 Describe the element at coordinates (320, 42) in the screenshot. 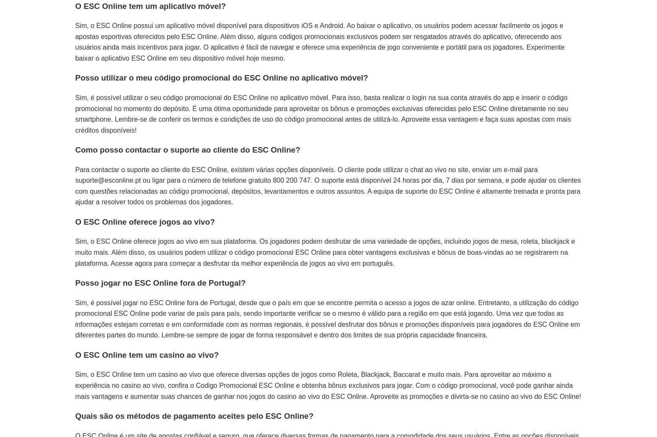

I see `'Sim, o ESC Online possui um aplicativo móvel disponível para dispositivos iOS e Android. Ao baixar o aplicativo, os usuários podem acessar facilmente os jogos e apostas esportivas oferecidos pelo ESC Online. Além disso, alguns códigos promocionais exclusivos podem ser resgatados através do aplicativo, oferecendo aos usuários ainda mais incentivos para jogar. O aplicativo é fácil de navegar e oferece uma experiência de jogo conveniente e portátil para os jogadores. Experimente baixar o aplicativo ESC Online em seu dispositivo móvel hoje mesmo.'` at that location.